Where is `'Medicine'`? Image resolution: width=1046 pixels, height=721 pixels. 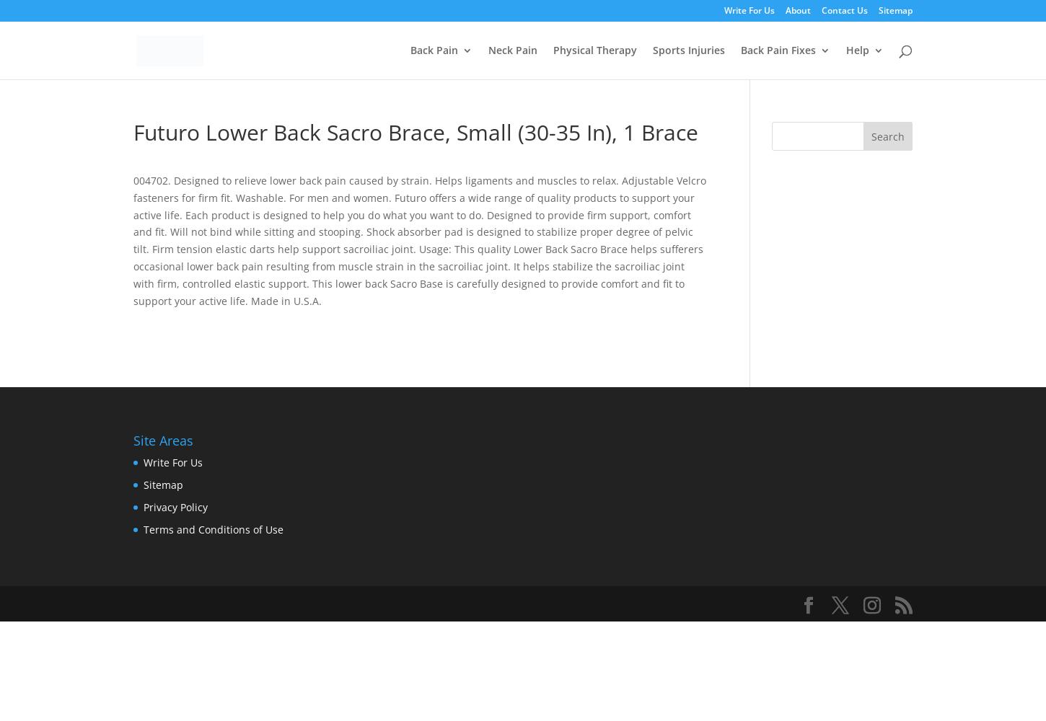
'Medicine' is located at coordinates (791, 167).